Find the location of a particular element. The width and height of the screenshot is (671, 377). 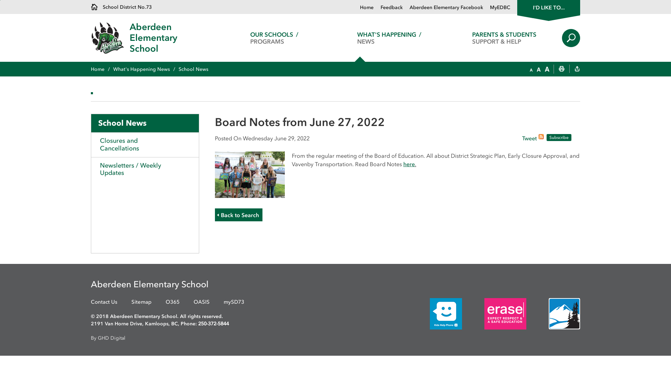

'Contact Us' is located at coordinates (103, 302).